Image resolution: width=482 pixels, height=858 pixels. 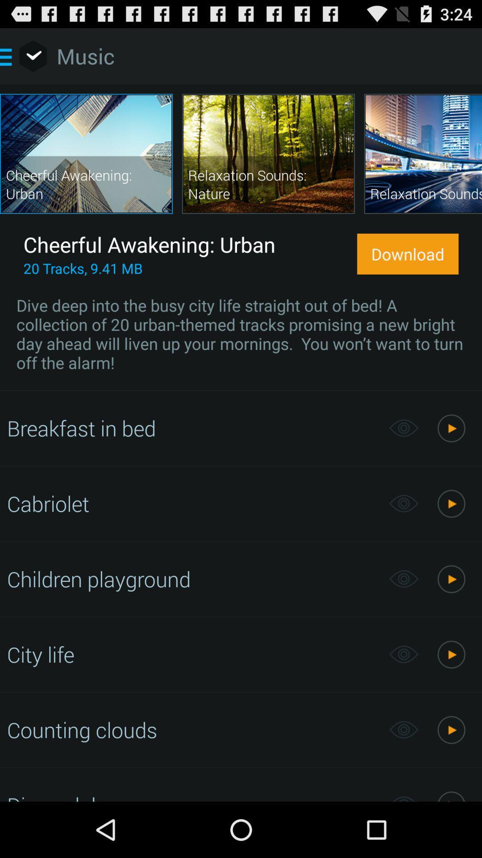 I want to click on disco club, so click(x=193, y=796).